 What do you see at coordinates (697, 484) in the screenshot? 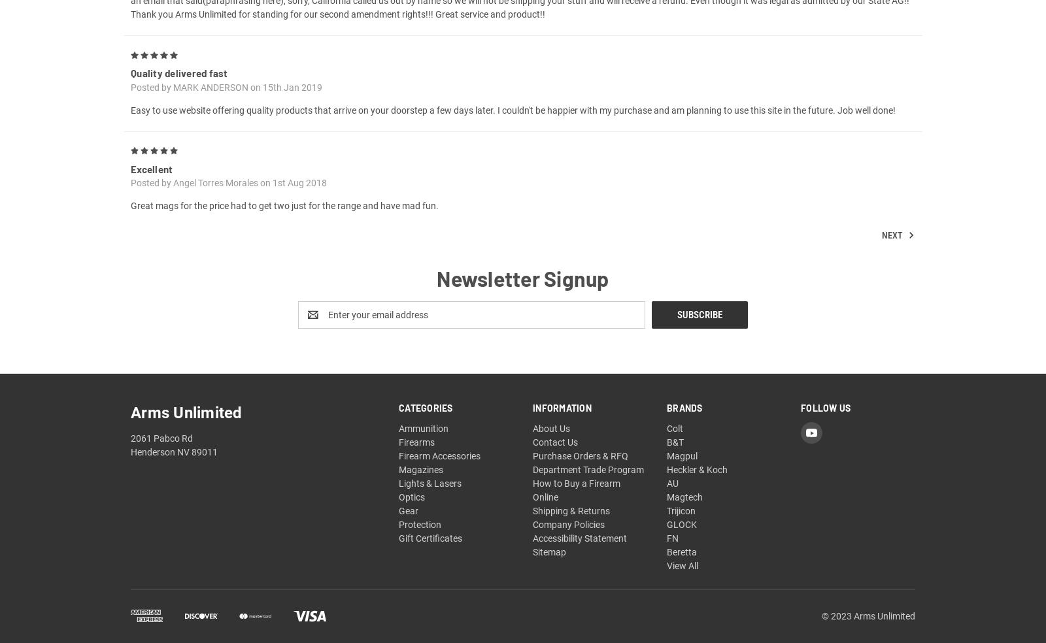
I see `'Heckler & Koch'` at bounding box center [697, 484].